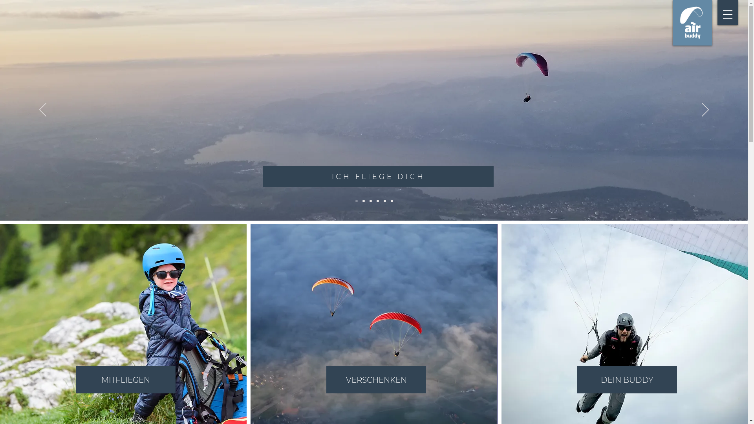  Describe the element at coordinates (126, 379) in the screenshot. I see `'MITFLIEGEN'` at that location.